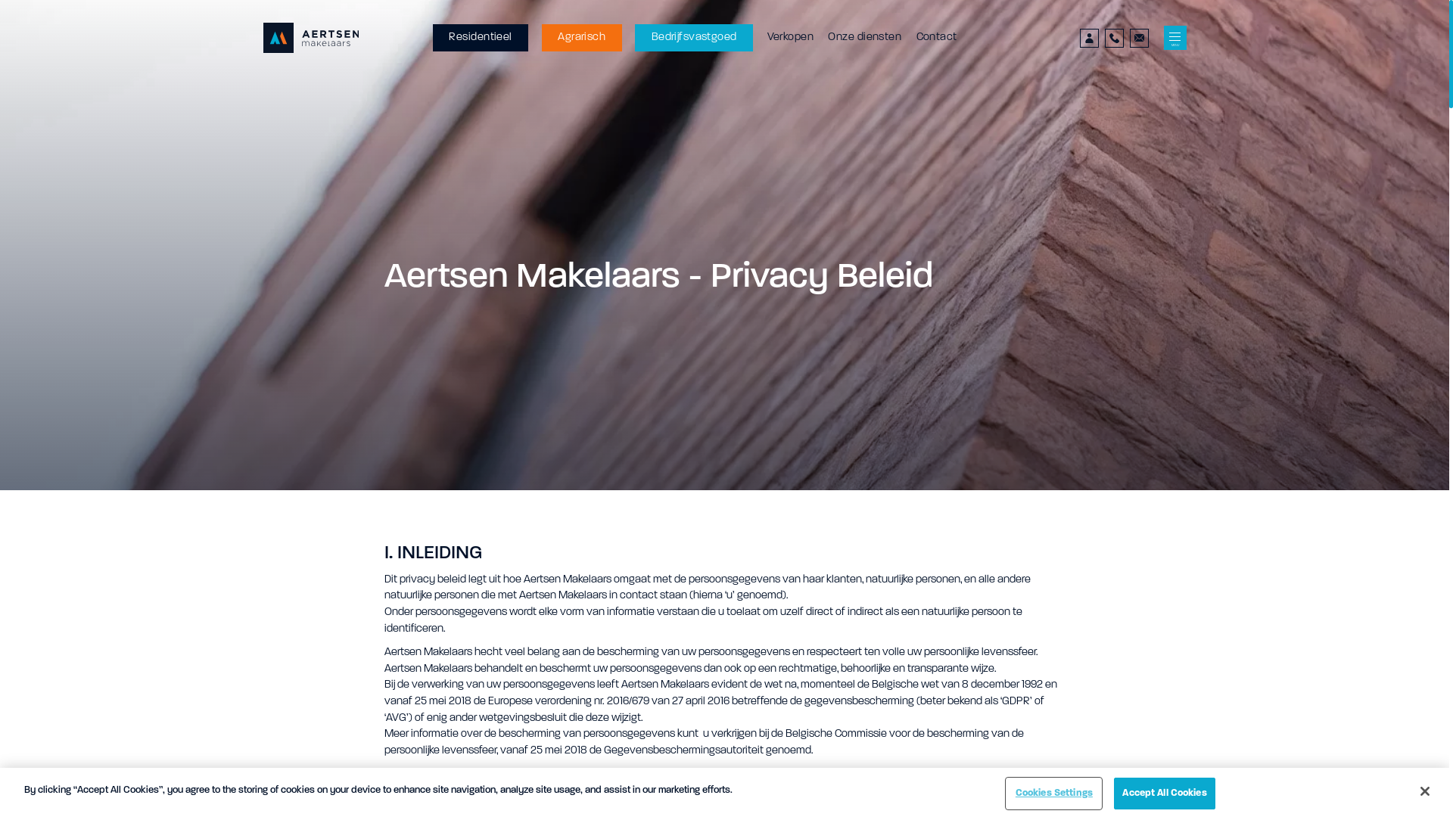 The width and height of the screenshot is (1453, 817). Describe the element at coordinates (1139, 37) in the screenshot. I see `'Mail ons'` at that location.